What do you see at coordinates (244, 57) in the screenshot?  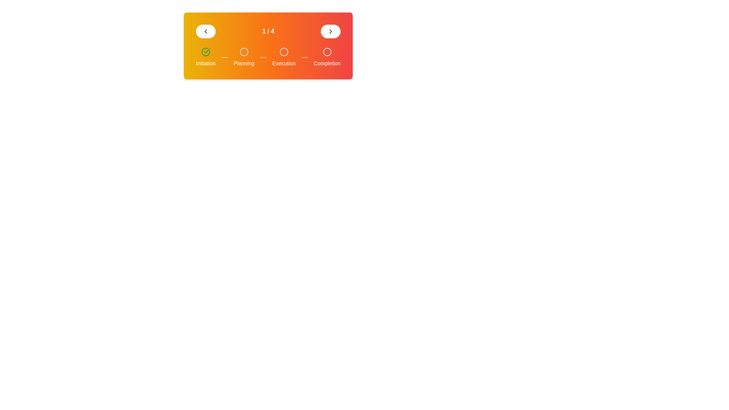 I see `label of the 'Planning' stage indicator in the multi-step progress tracker, which is the second step between 'Initiation' and 'Execution'` at bounding box center [244, 57].